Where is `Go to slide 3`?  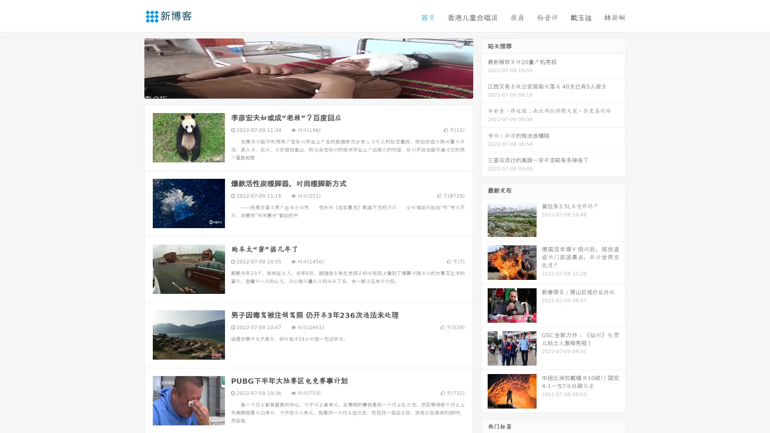
Go to slide 3 is located at coordinates (316, 90).